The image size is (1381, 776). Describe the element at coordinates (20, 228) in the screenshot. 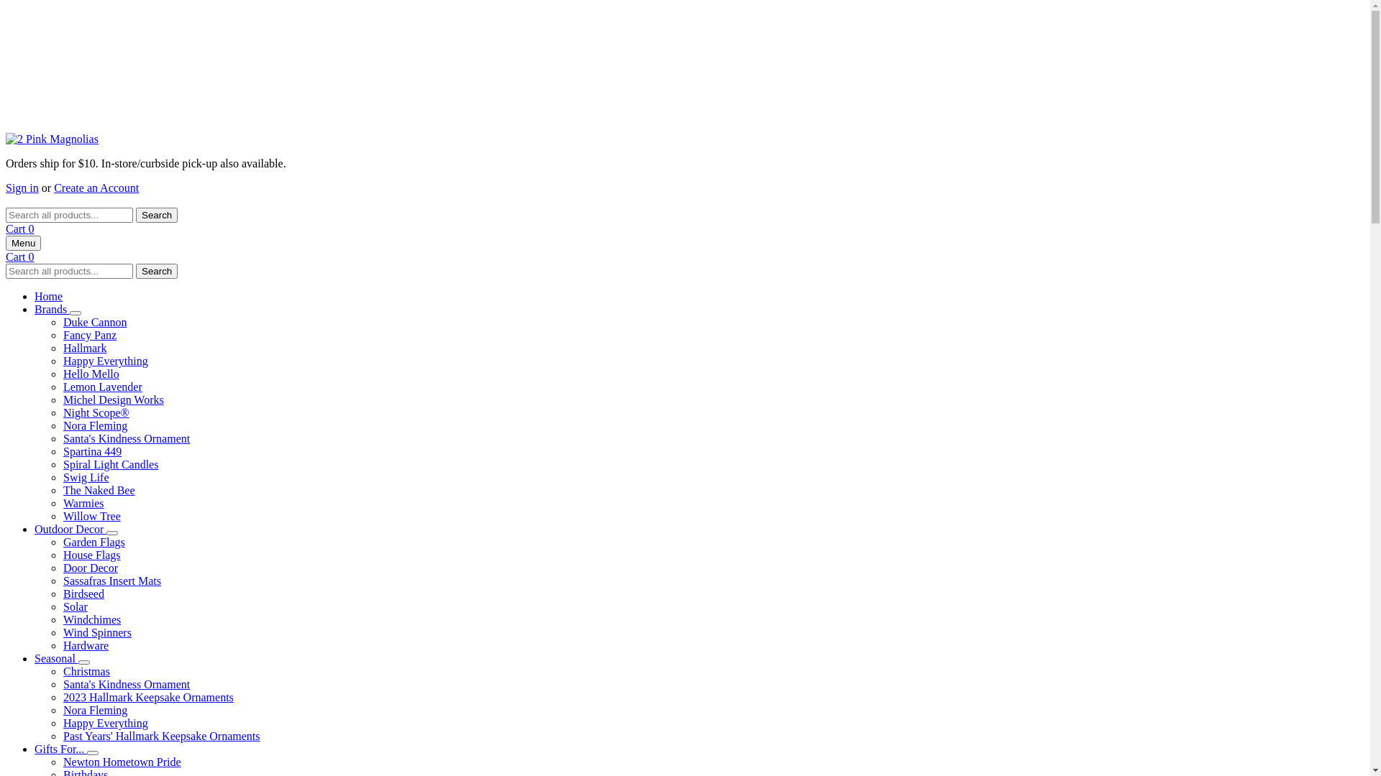

I see `'Cart 0'` at that location.